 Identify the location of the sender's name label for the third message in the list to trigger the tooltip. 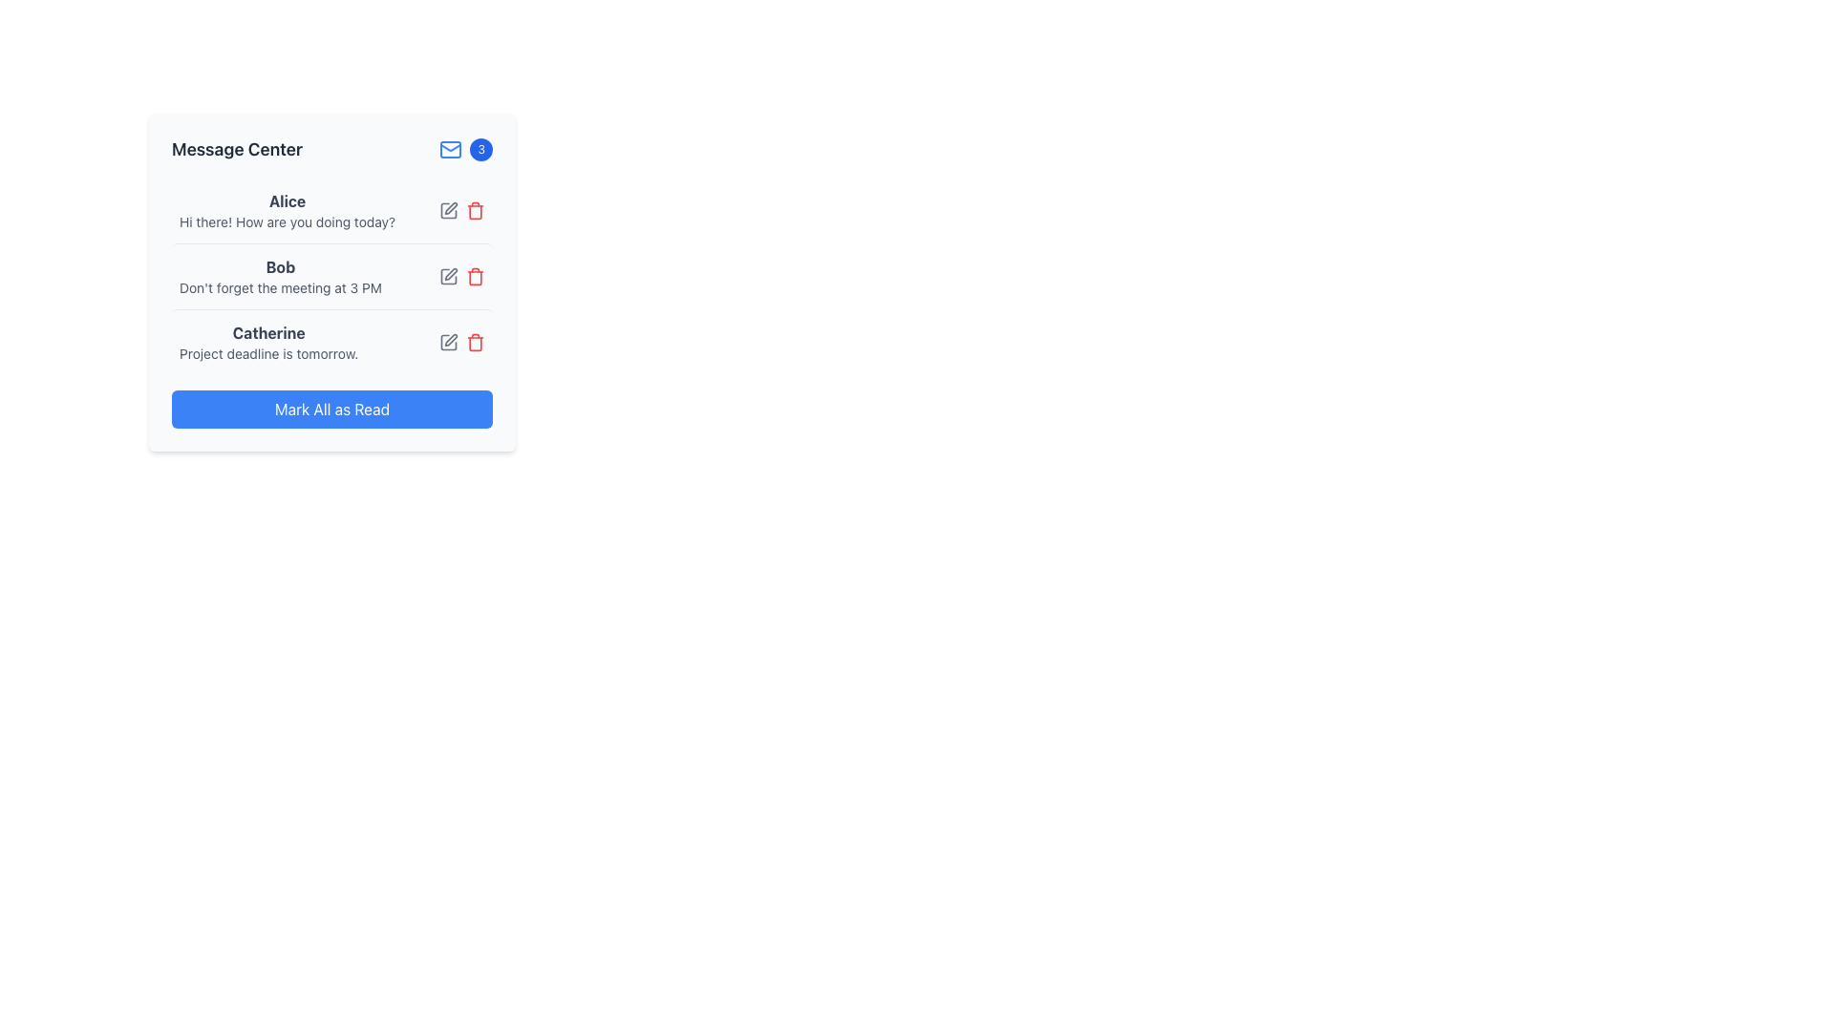
(267, 331).